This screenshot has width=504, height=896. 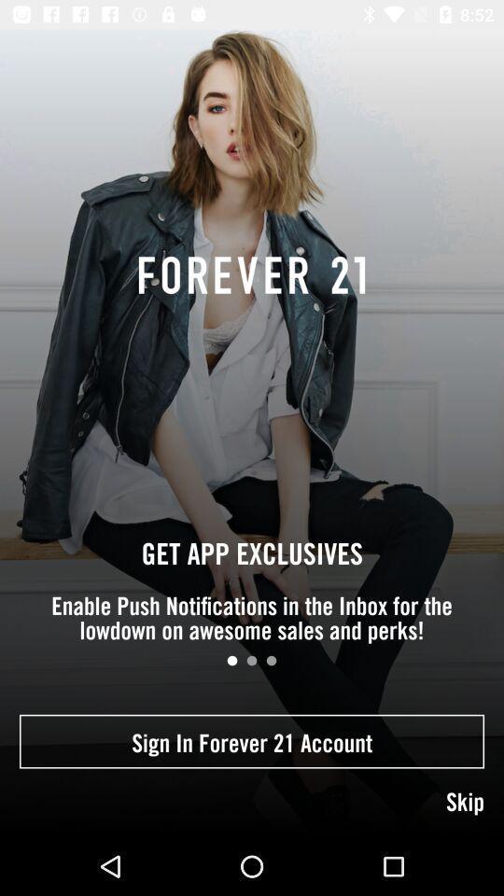 What do you see at coordinates (271, 661) in the screenshot?
I see `item below the enable push notifications item` at bounding box center [271, 661].